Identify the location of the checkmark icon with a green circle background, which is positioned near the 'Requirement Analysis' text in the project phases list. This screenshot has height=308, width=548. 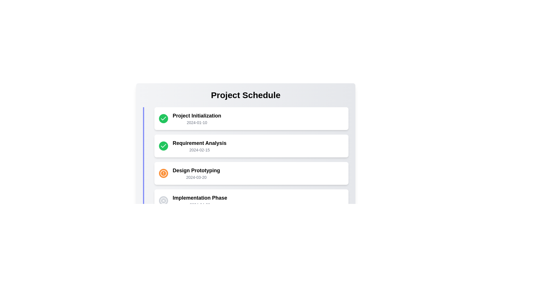
(163, 118).